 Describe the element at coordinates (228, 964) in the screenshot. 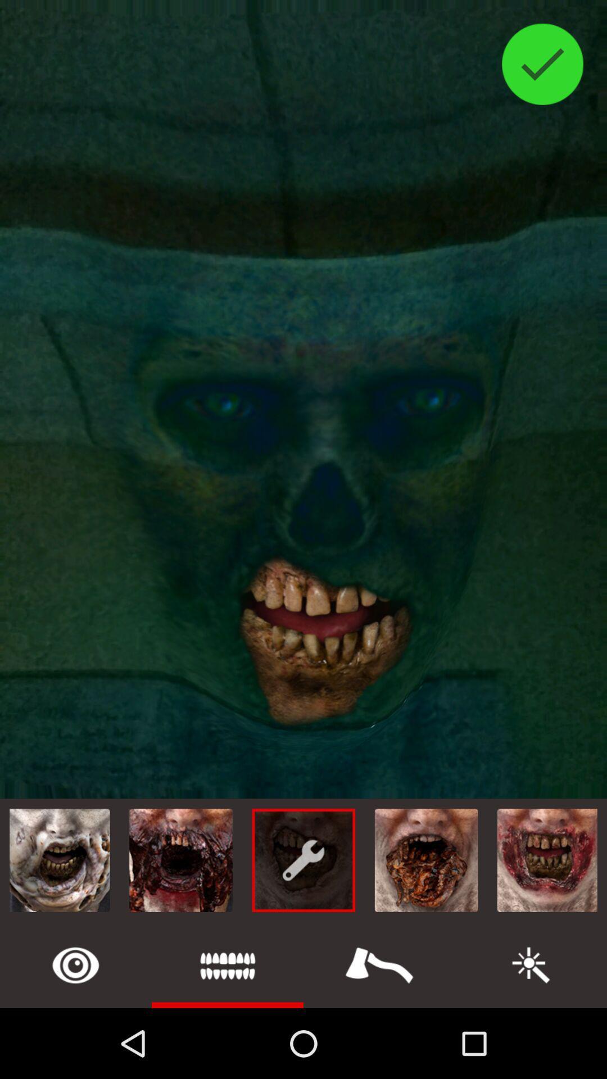

I see `teeth` at that location.